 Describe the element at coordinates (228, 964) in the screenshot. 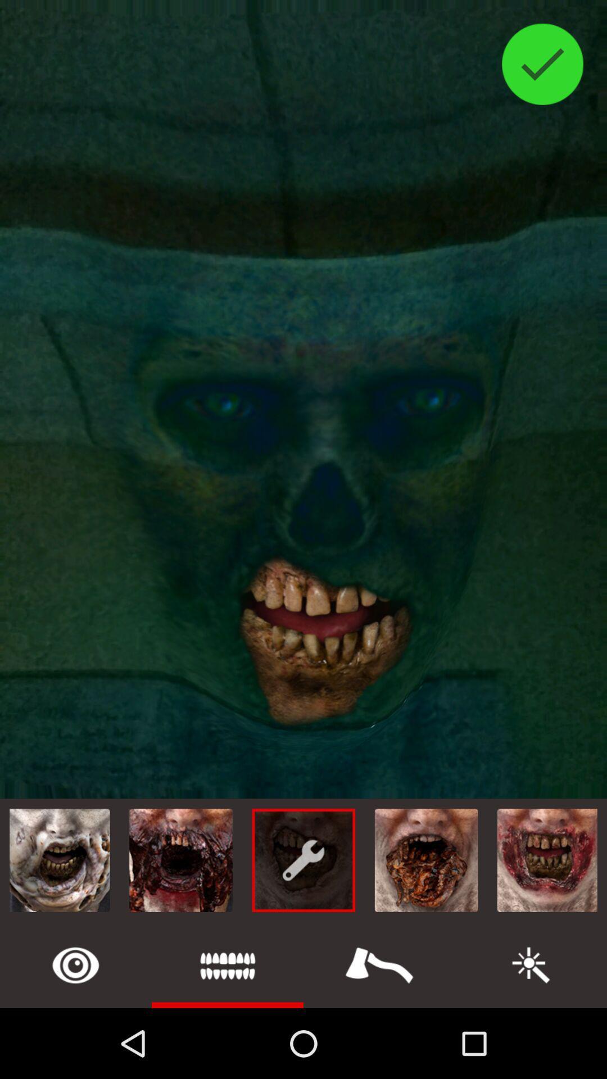

I see `teeth` at that location.